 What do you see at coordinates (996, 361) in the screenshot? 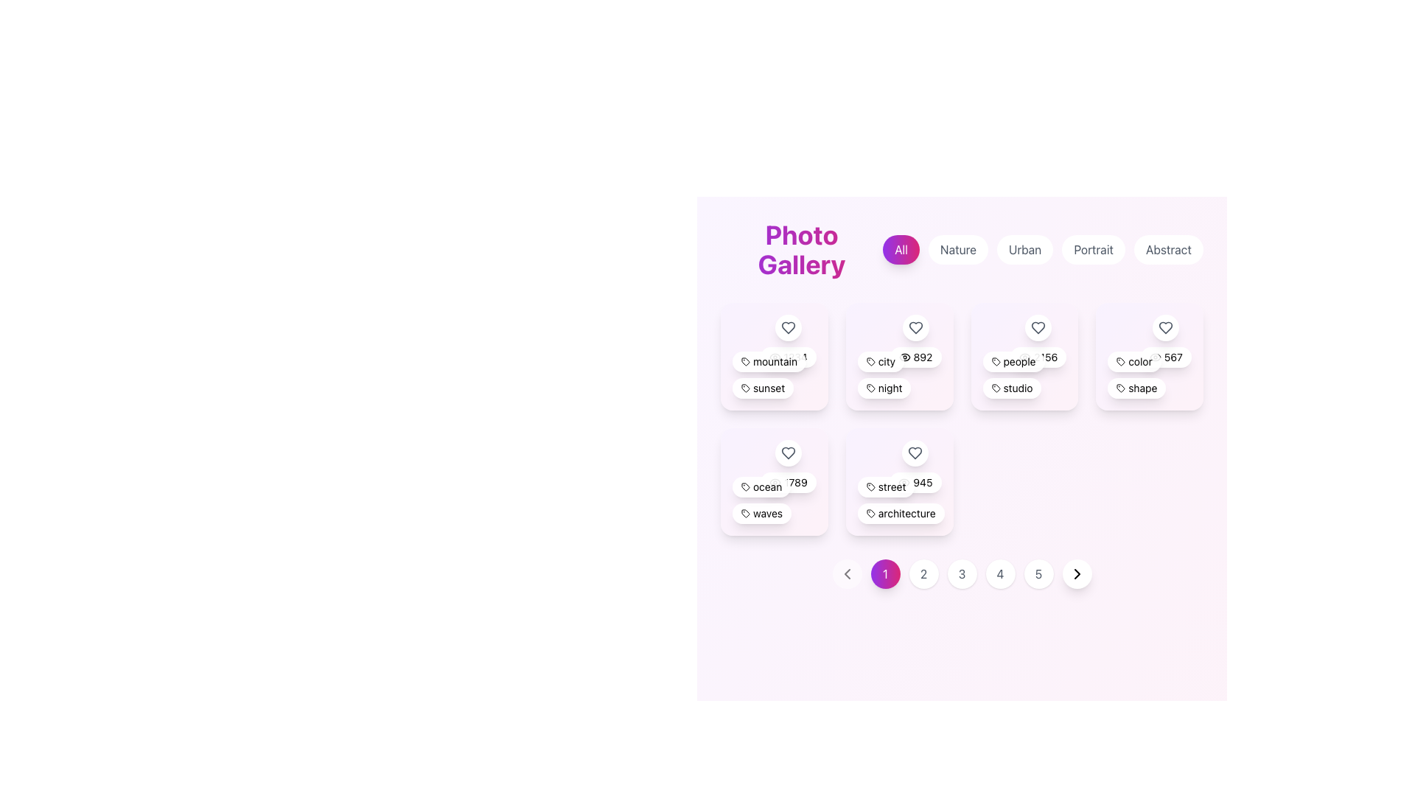
I see `the tag icon that visually indicates a metadata tag, located in the second row, third column of the grid structure` at bounding box center [996, 361].